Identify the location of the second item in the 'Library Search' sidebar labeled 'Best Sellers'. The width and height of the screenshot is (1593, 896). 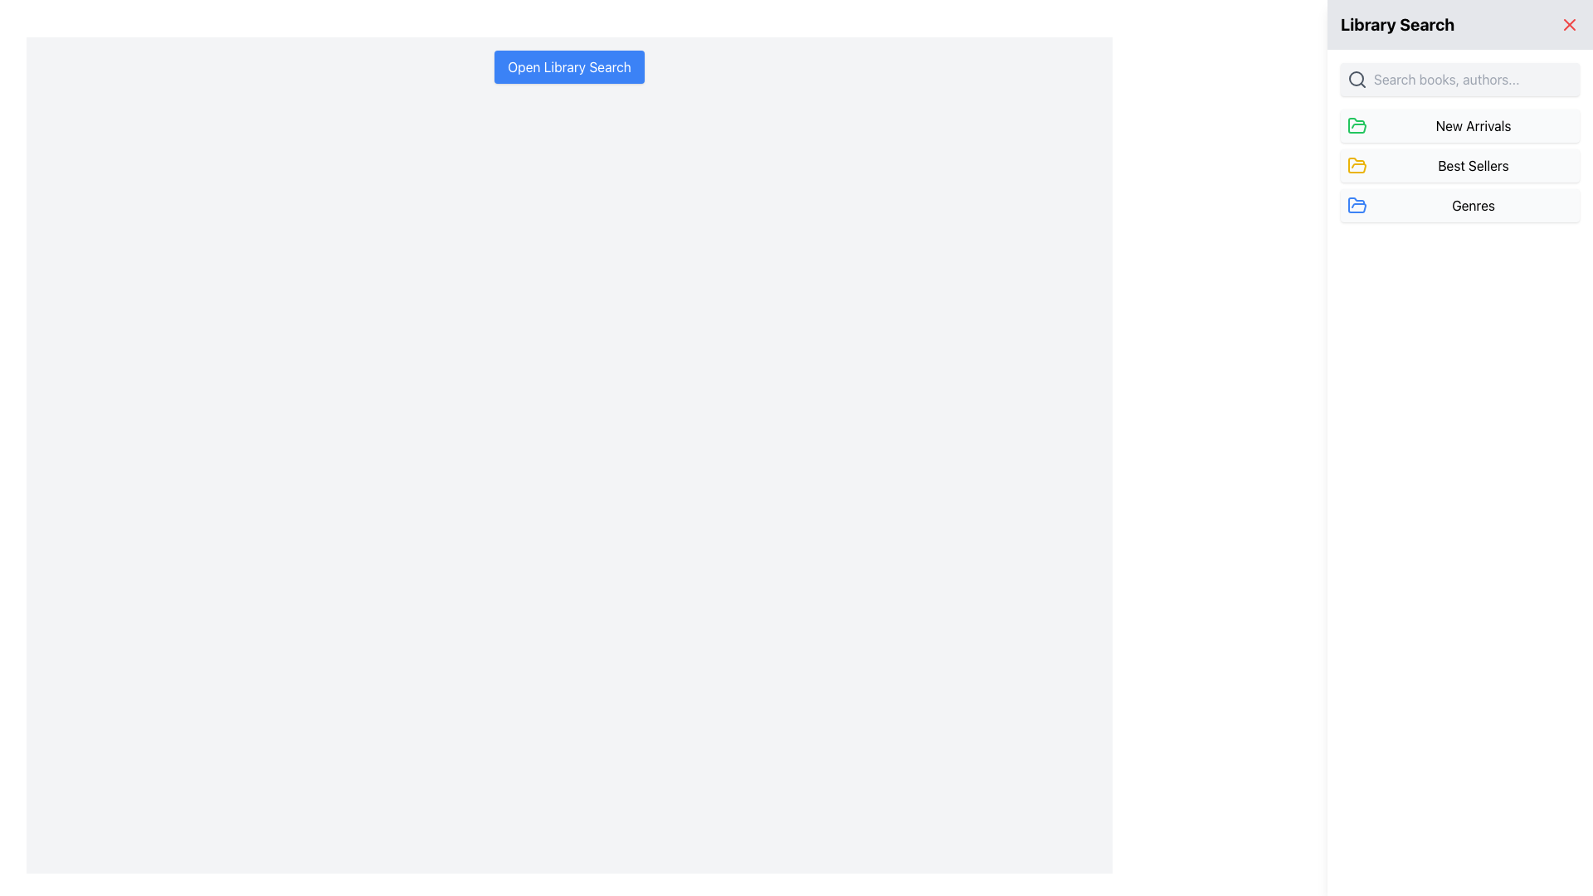
(1460, 166).